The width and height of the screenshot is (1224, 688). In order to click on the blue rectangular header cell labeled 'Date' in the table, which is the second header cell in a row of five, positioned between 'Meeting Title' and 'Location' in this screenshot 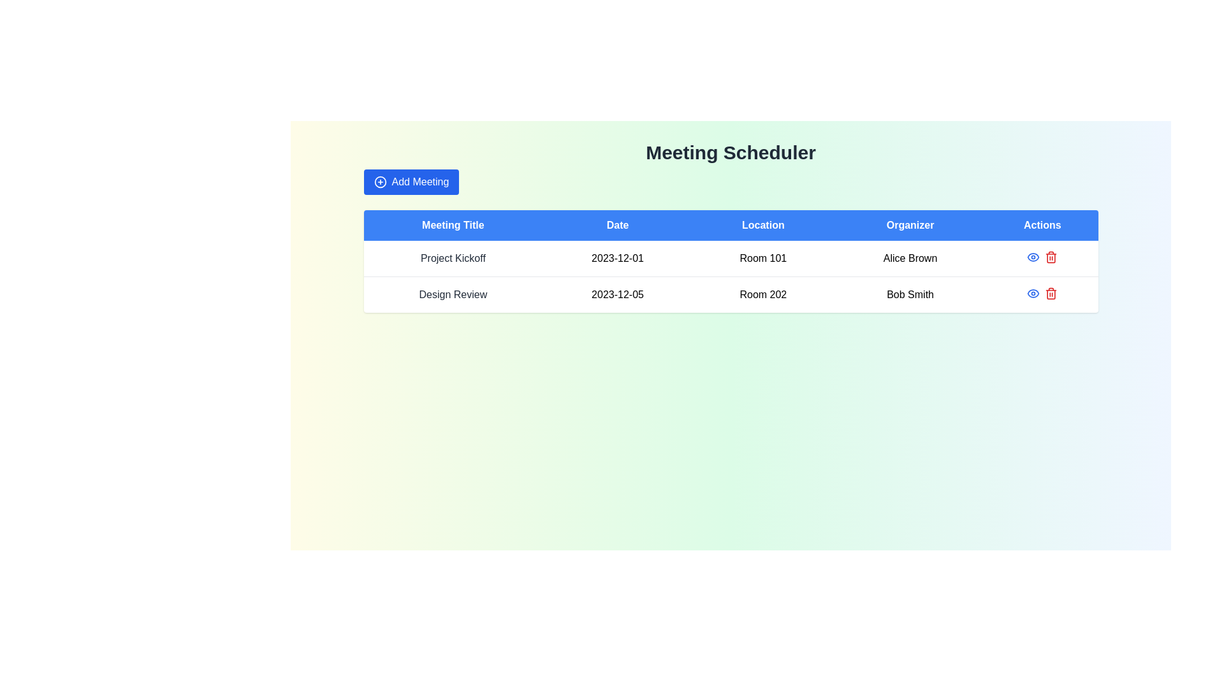, I will do `click(618, 225)`.